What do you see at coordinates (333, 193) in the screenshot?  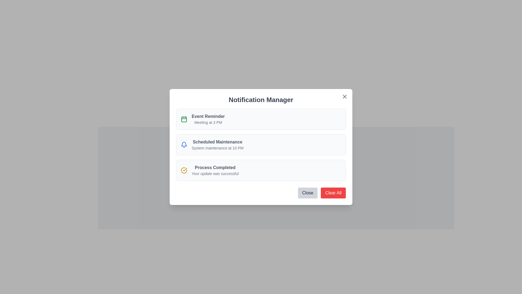 I see `the 'Clear All' button with a red background and white text located at the bottom-right corner of the 'Notification Manager' modal` at bounding box center [333, 193].